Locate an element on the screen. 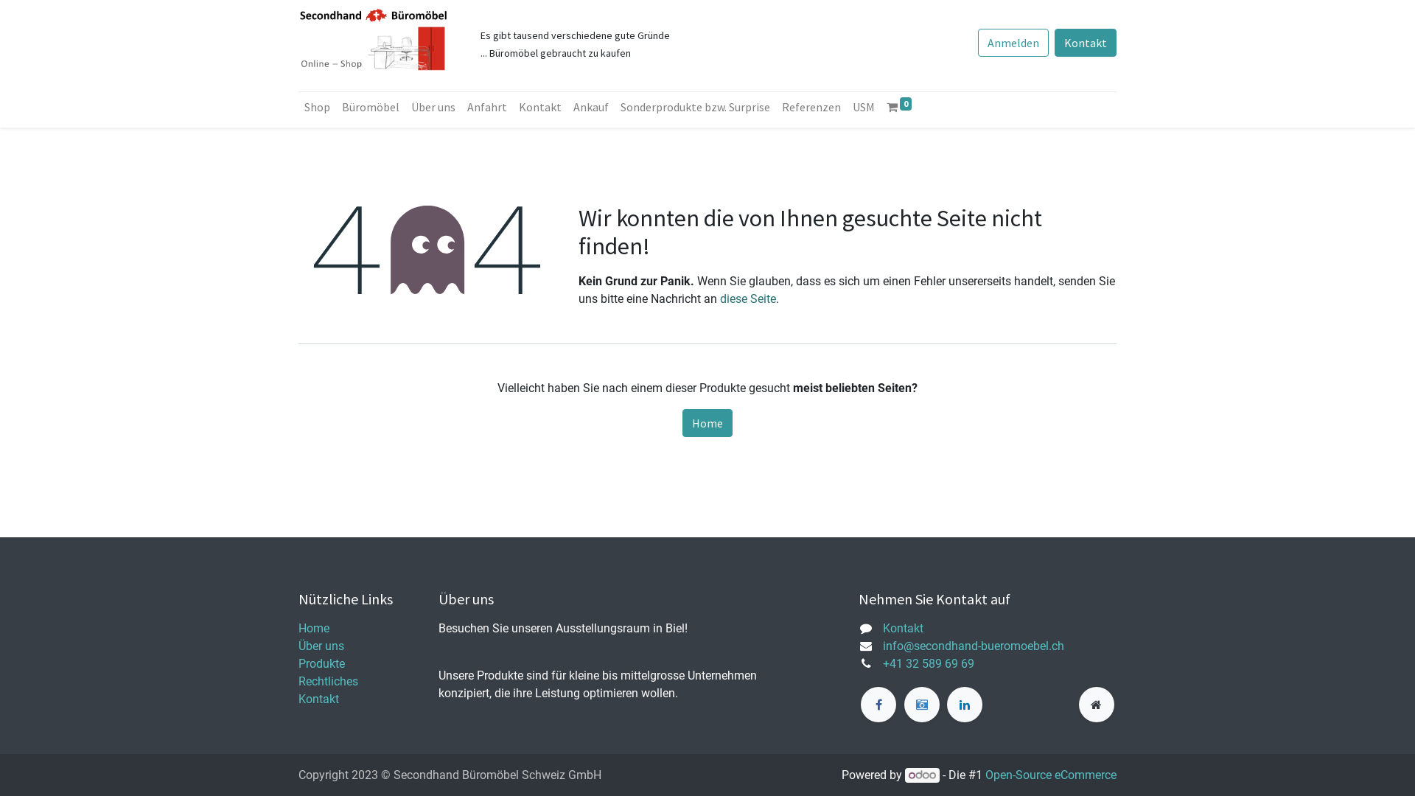  'diese Seite' is located at coordinates (747, 298).